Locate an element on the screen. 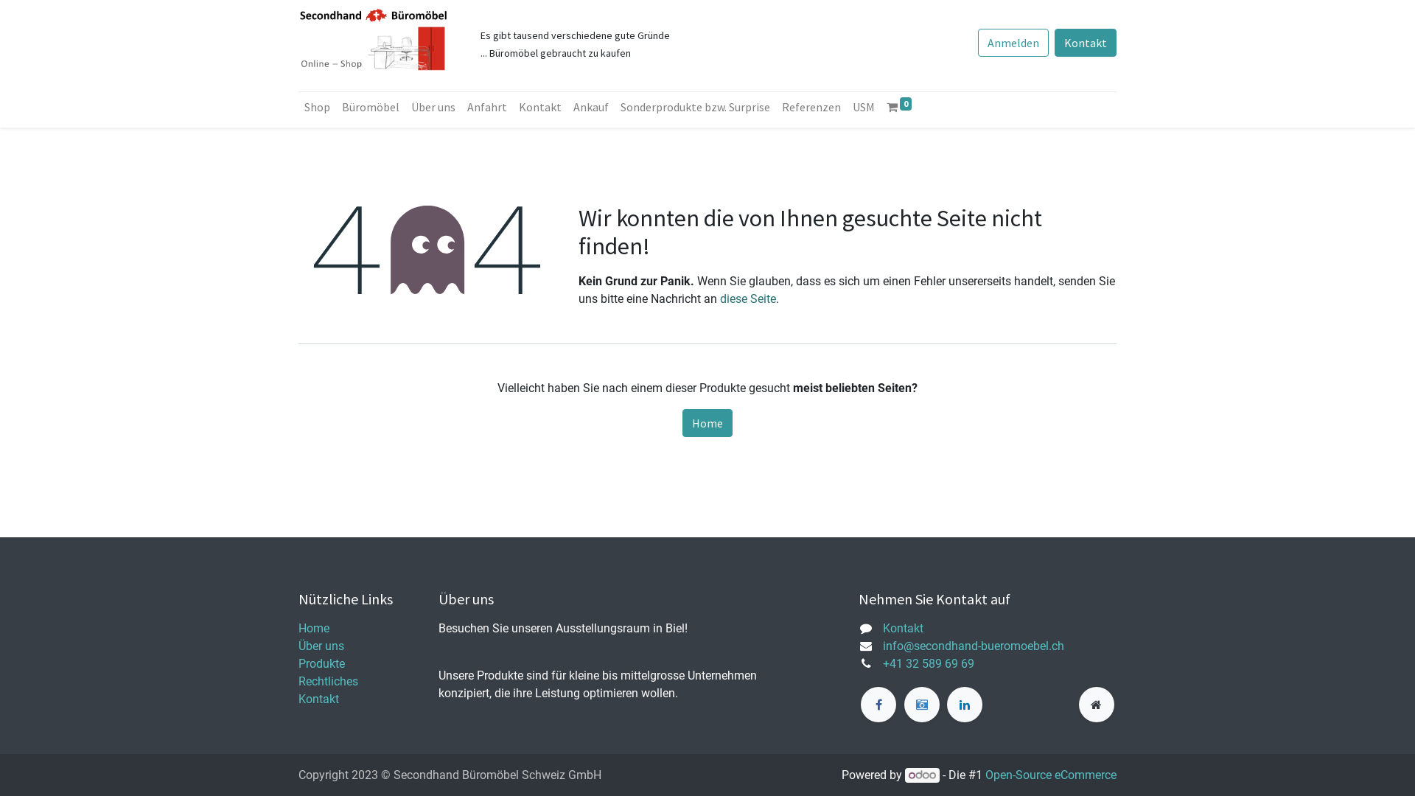  'diese Seite' is located at coordinates (747, 298).